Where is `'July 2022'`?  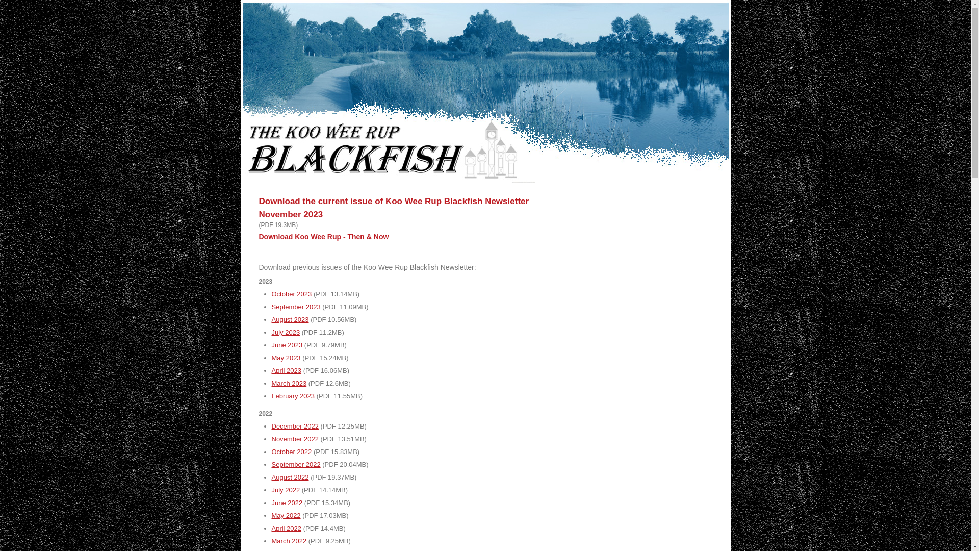
'July 2022' is located at coordinates (286, 489).